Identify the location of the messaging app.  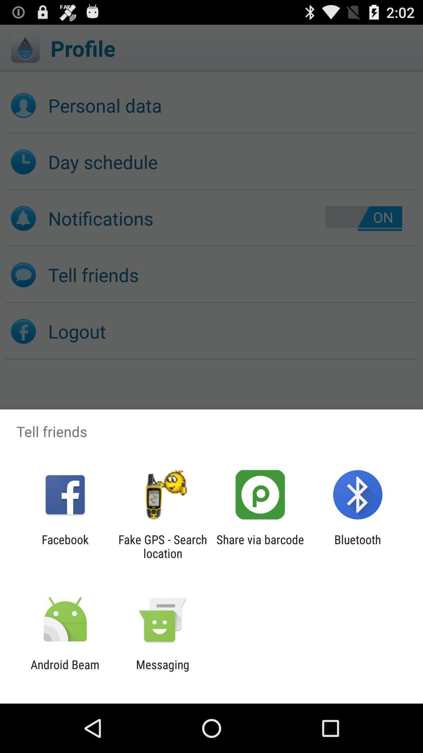
(162, 671).